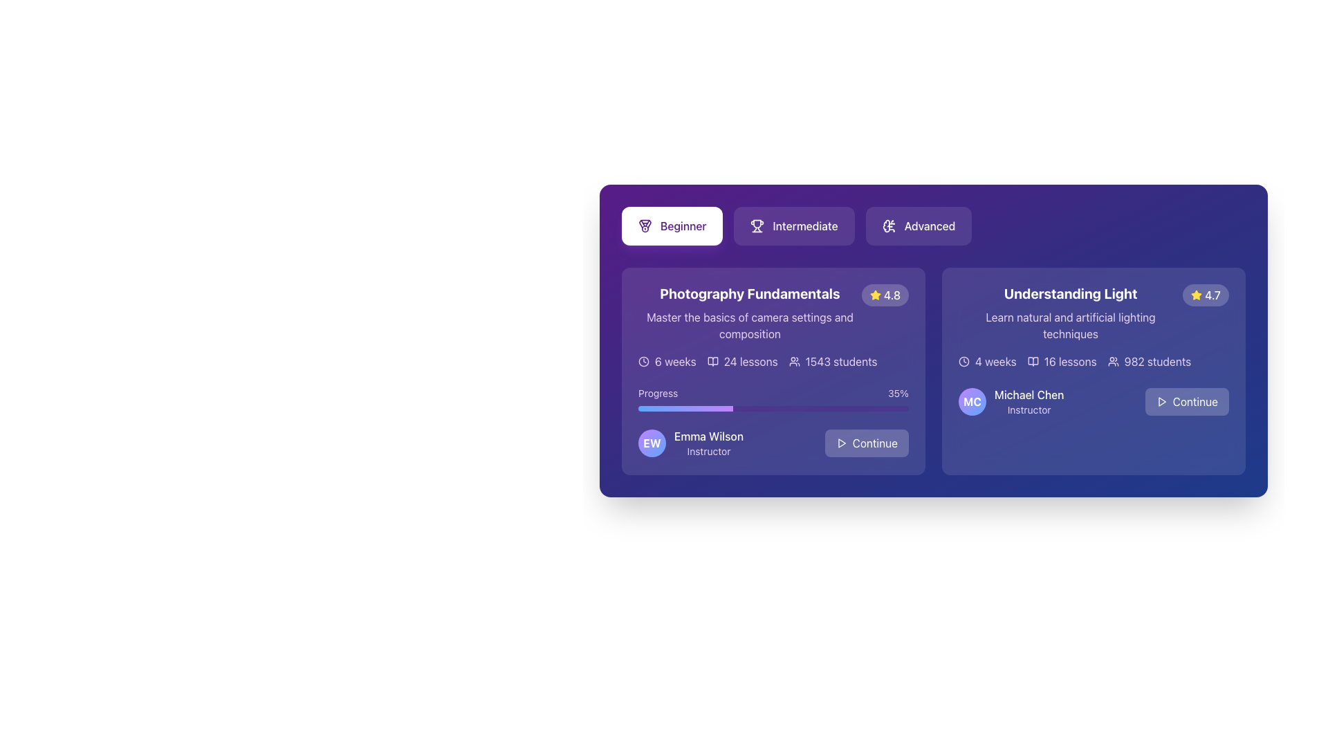  I want to click on the informational text element displaying '4 weeks', '16 lessons', and '982 students', which is located in the lower portion of the 'Understanding Light' card, just above the instructor's name and the Continue button, so click(1093, 361).